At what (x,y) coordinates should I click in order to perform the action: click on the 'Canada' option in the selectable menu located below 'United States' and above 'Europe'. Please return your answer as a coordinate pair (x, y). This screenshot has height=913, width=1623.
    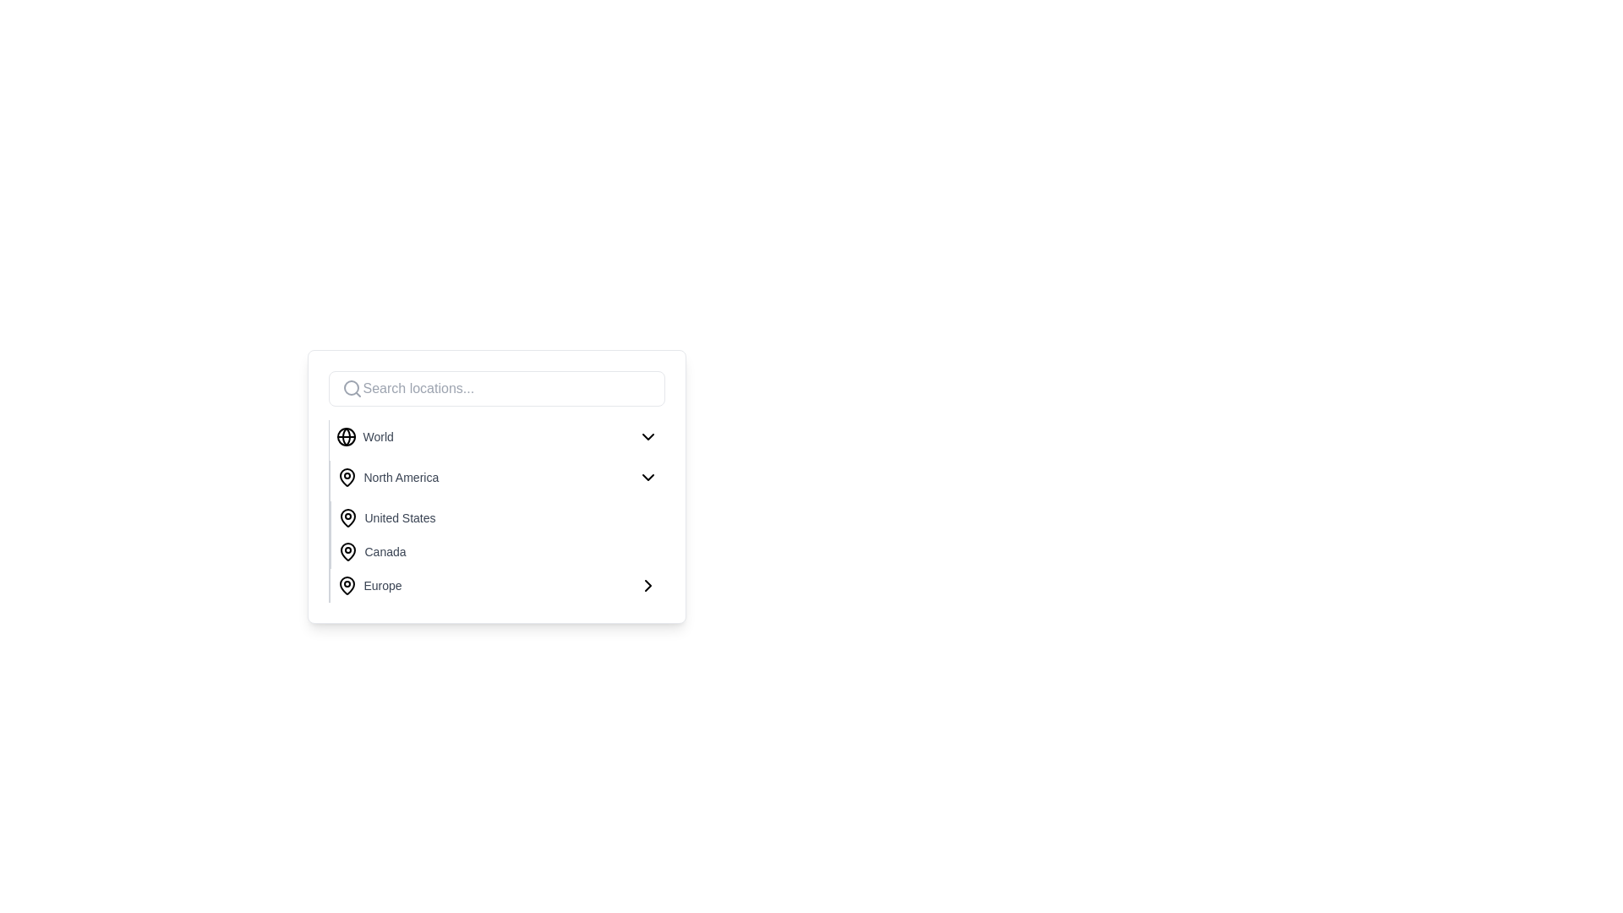
    Looking at the image, I should click on (497, 551).